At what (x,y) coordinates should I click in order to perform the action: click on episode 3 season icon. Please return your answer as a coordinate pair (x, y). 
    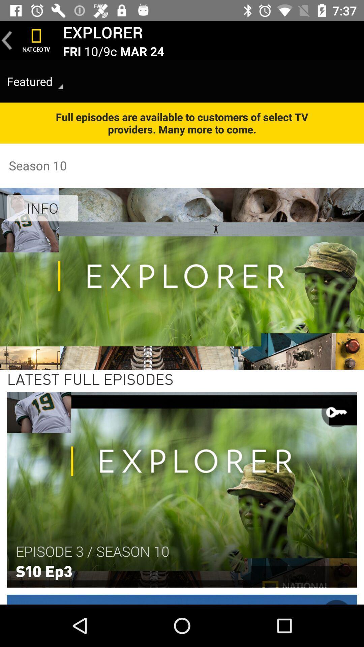
    Looking at the image, I should click on (92, 551).